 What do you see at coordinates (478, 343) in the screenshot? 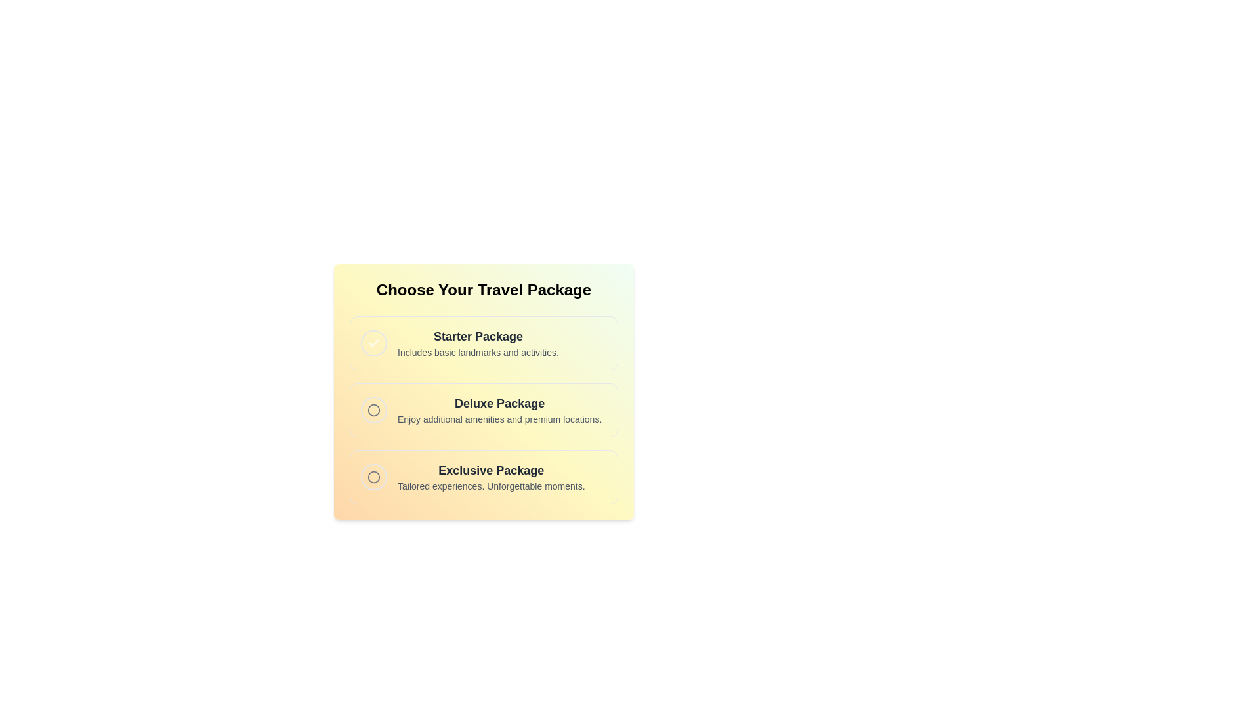
I see `information from the Text Label displaying 'Starter Package' and its description located at the uppermost option in the selection list of travel packages` at bounding box center [478, 343].